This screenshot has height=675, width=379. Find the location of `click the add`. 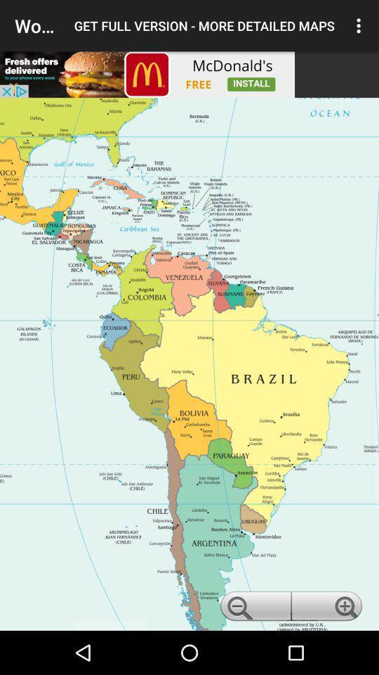

click the add is located at coordinates (147, 75).